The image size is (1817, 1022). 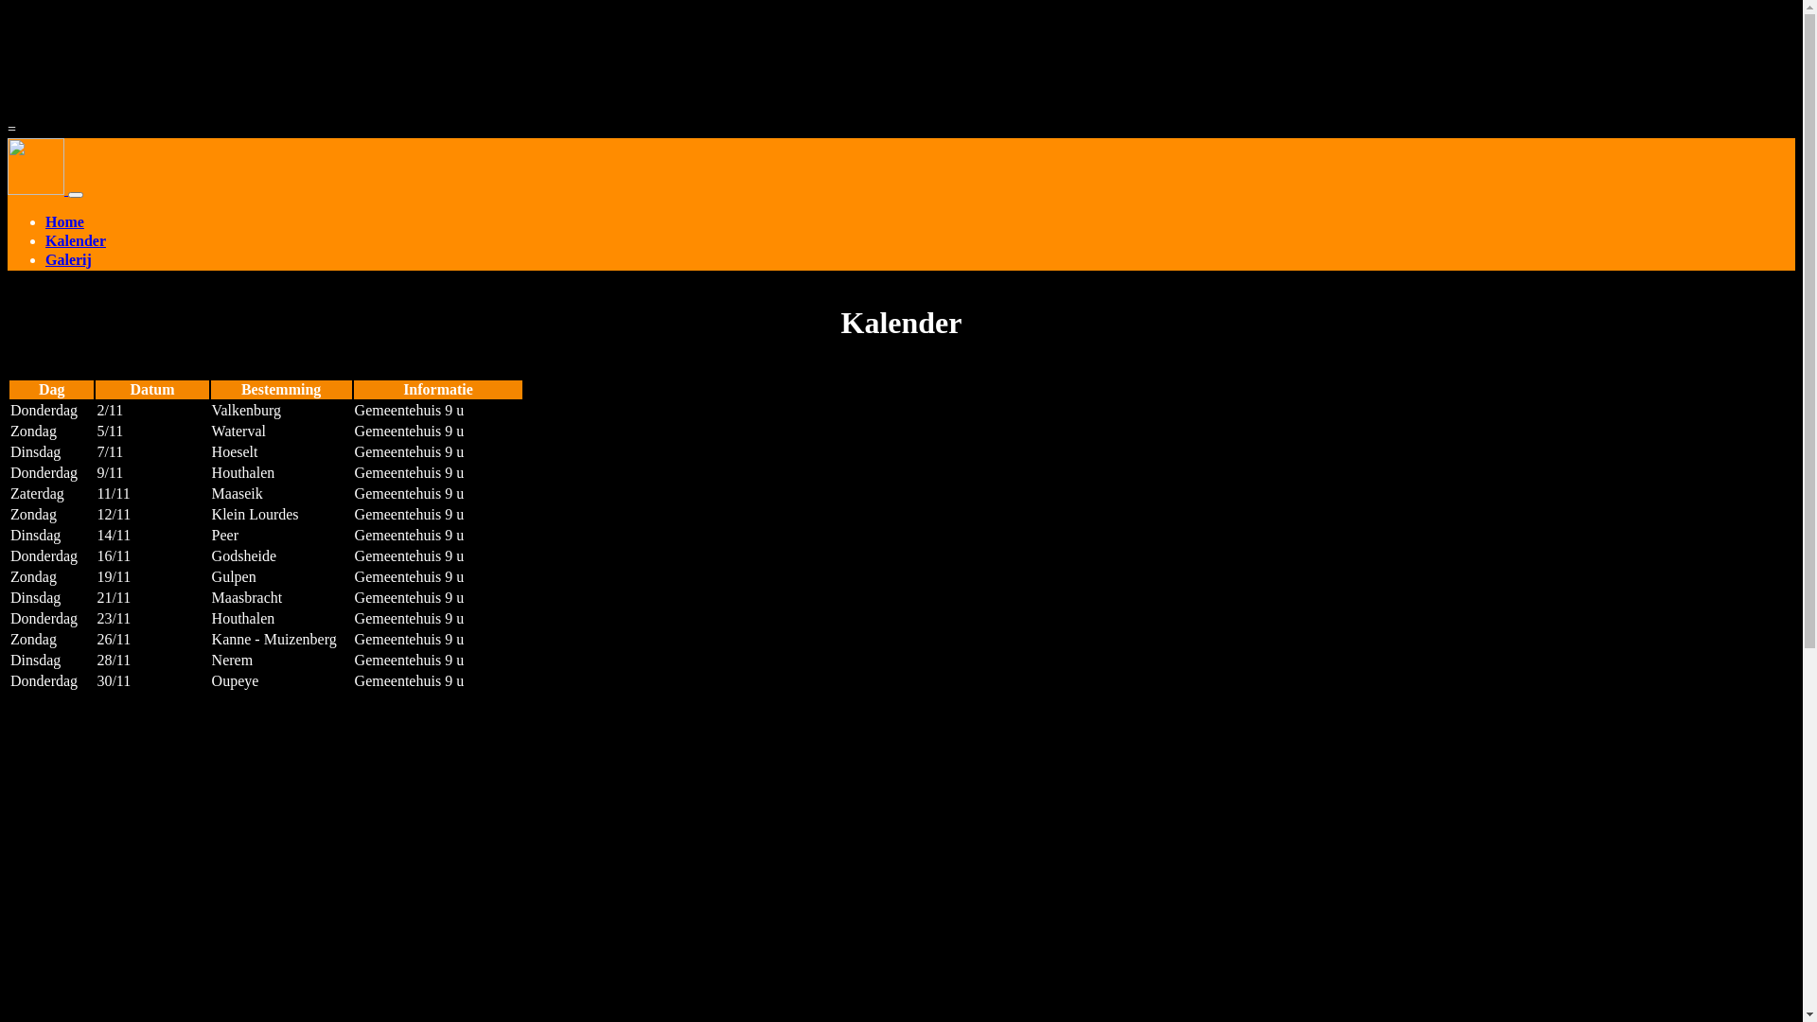 I want to click on 'Galerij', so click(x=920, y=261).